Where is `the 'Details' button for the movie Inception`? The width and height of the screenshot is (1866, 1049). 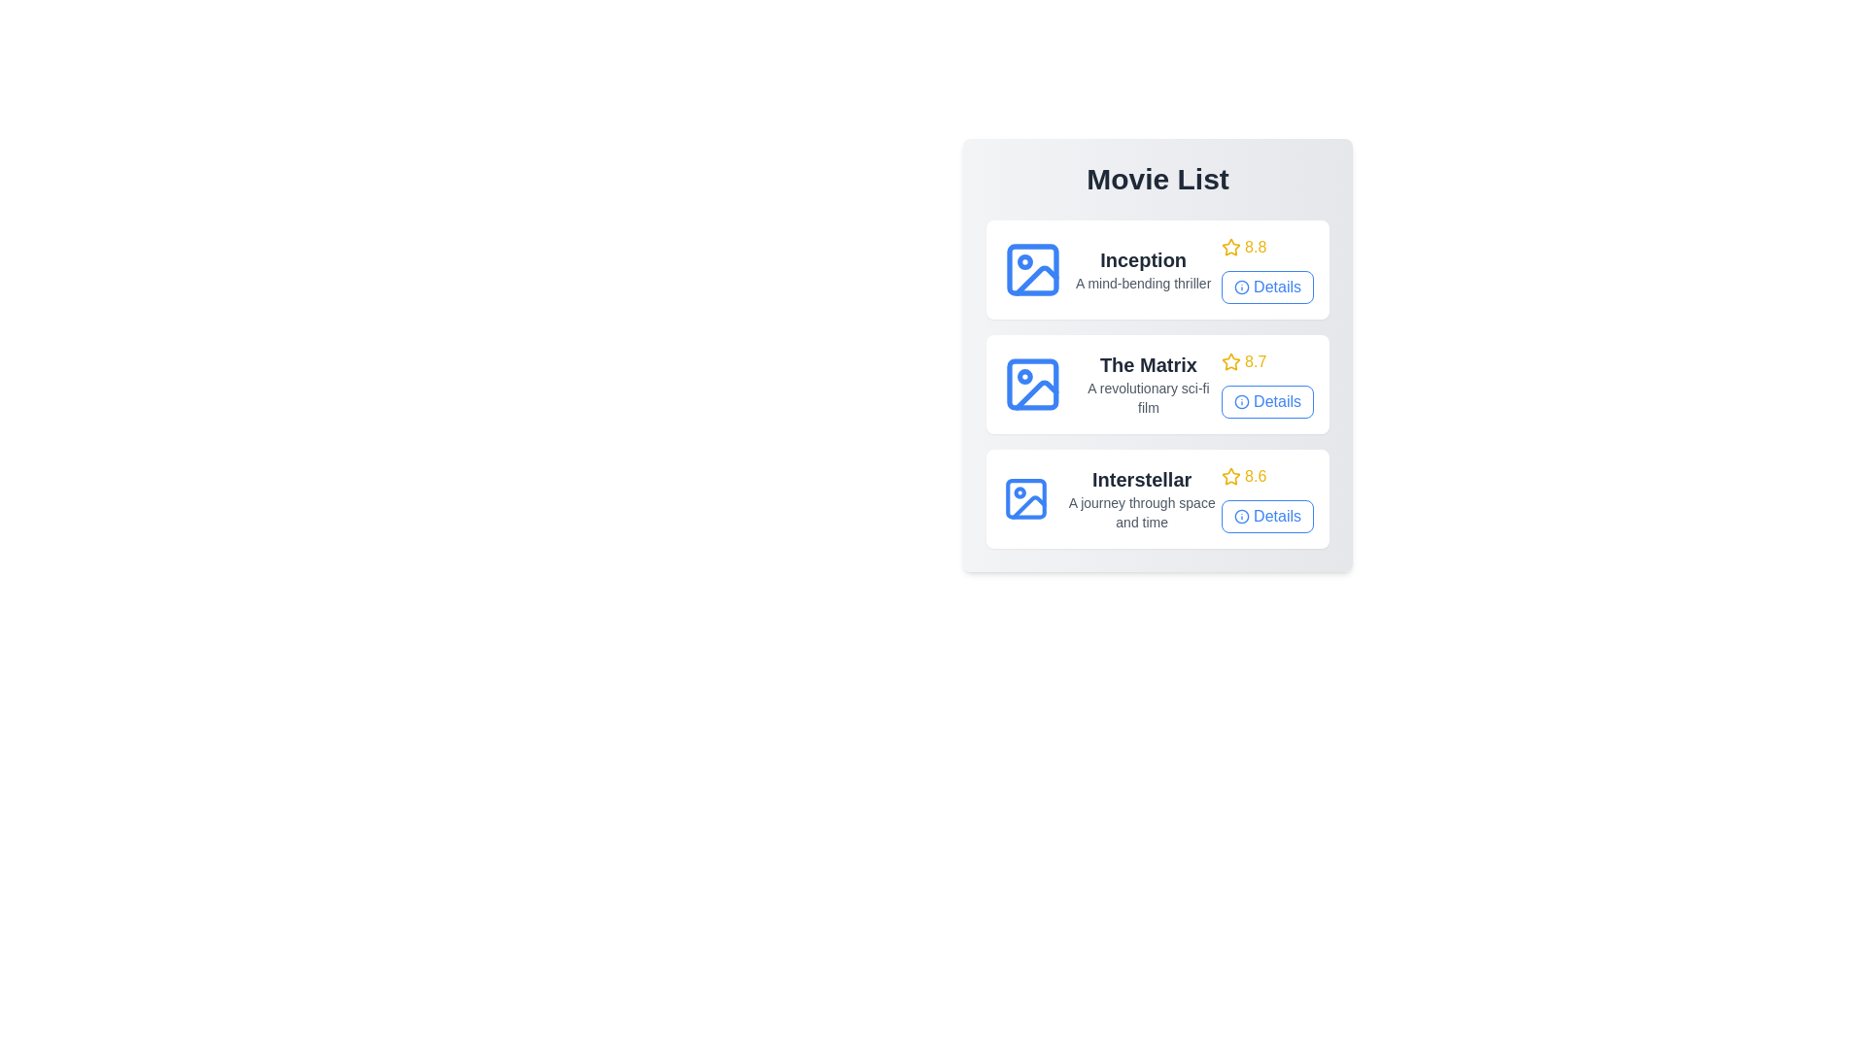 the 'Details' button for the movie Inception is located at coordinates (1267, 288).